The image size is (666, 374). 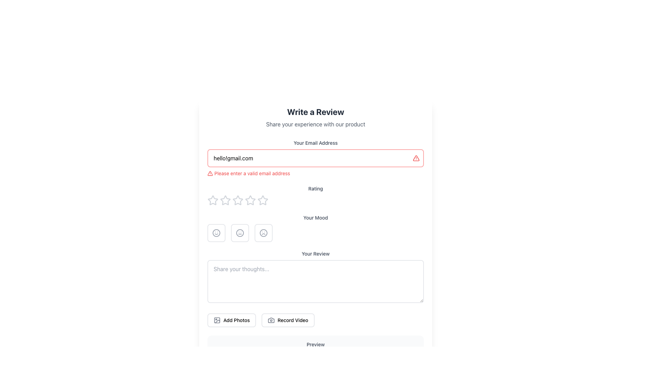 I want to click on the fifth star icon for rating, so click(x=263, y=200).